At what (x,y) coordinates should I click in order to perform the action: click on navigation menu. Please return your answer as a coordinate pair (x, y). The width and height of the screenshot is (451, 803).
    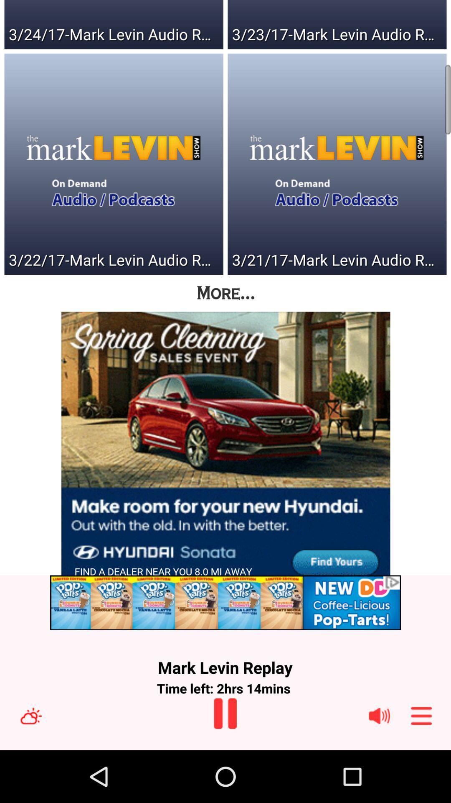
    Looking at the image, I should click on (421, 715).